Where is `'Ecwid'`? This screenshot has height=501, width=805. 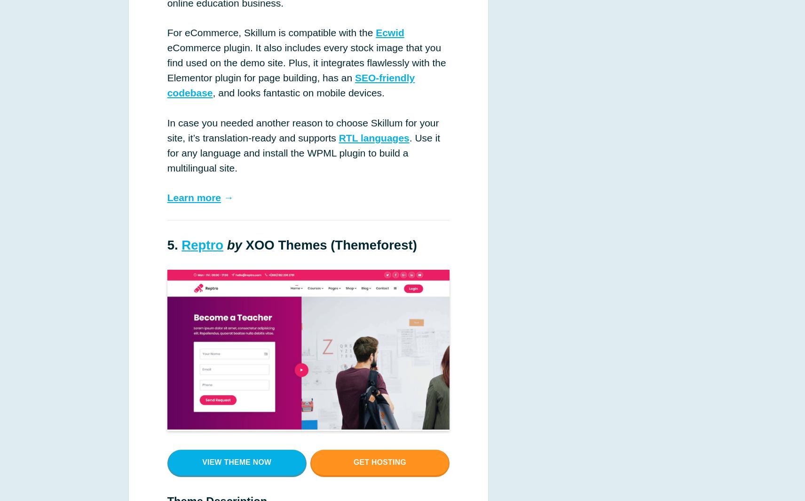
'Ecwid' is located at coordinates (389, 32).